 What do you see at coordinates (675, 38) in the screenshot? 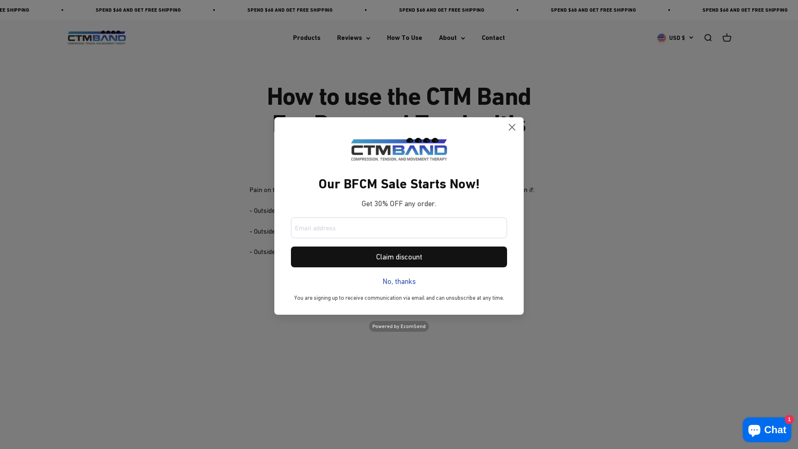
I see `'USD $'` at bounding box center [675, 38].